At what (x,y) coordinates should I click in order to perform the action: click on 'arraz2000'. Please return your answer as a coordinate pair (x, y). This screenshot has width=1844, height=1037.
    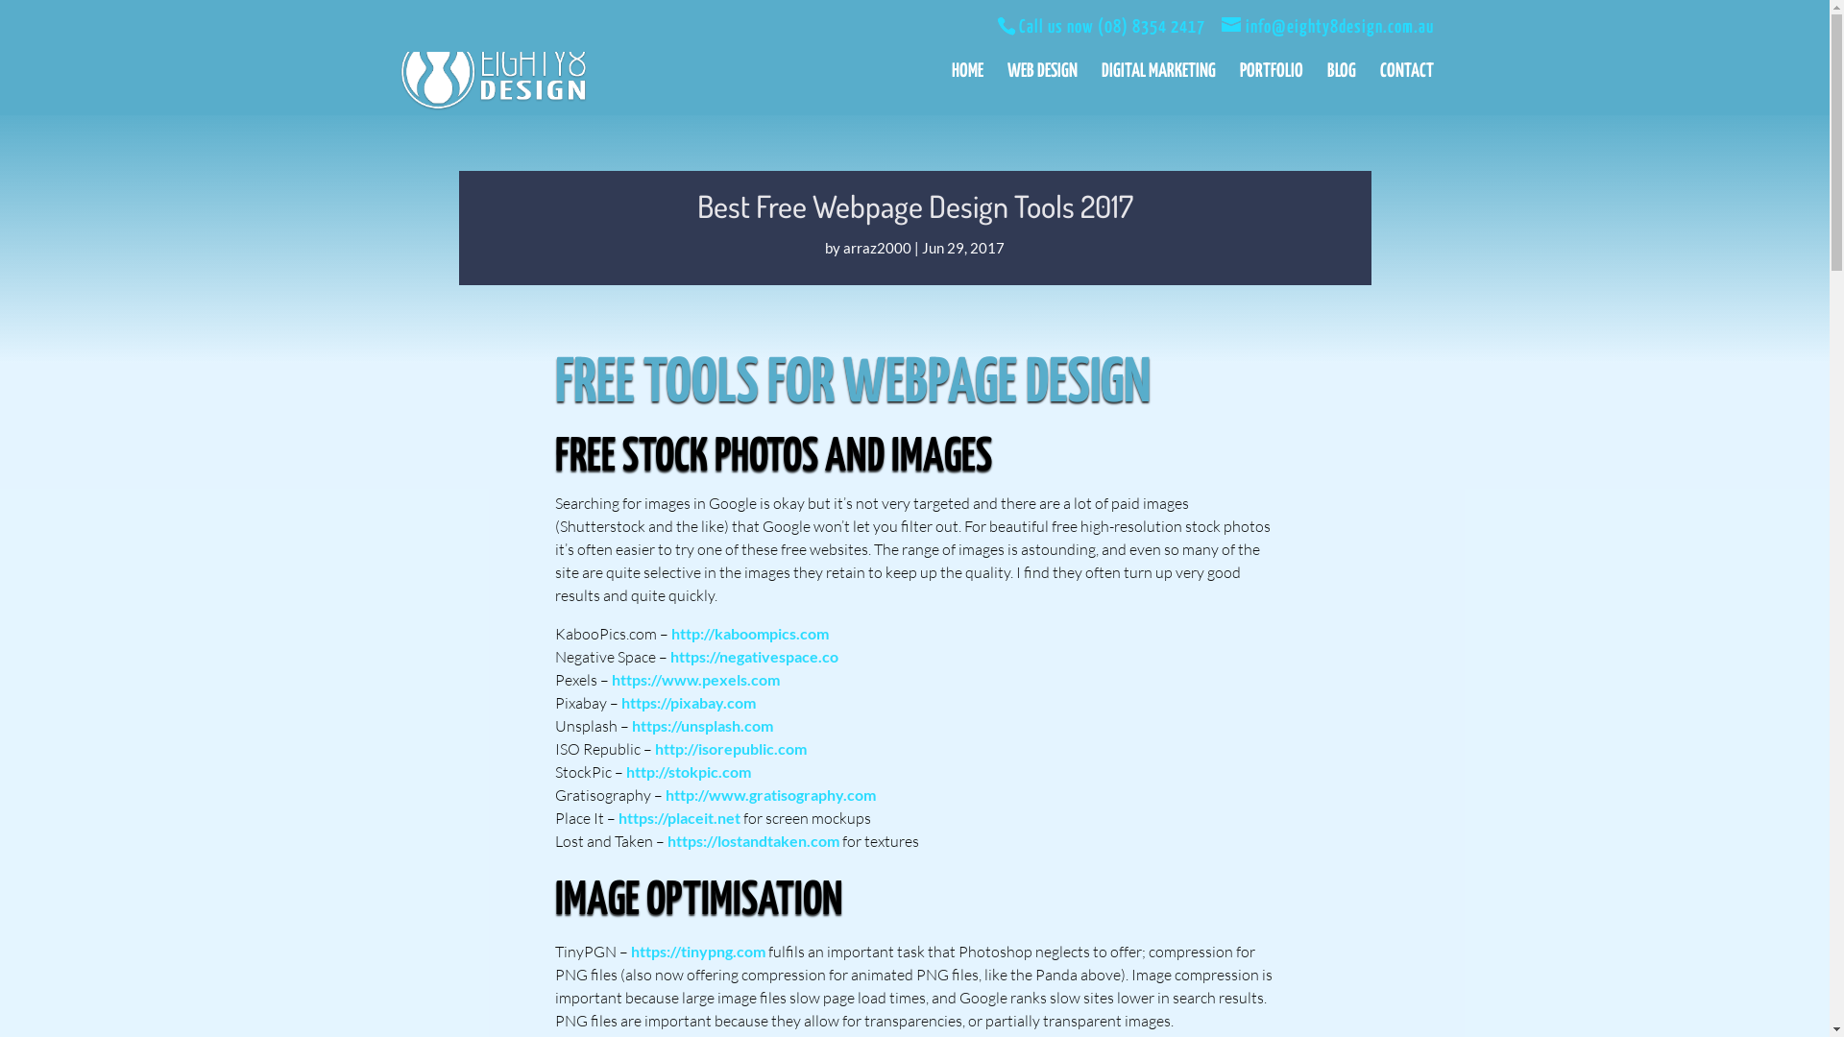
    Looking at the image, I should click on (843, 246).